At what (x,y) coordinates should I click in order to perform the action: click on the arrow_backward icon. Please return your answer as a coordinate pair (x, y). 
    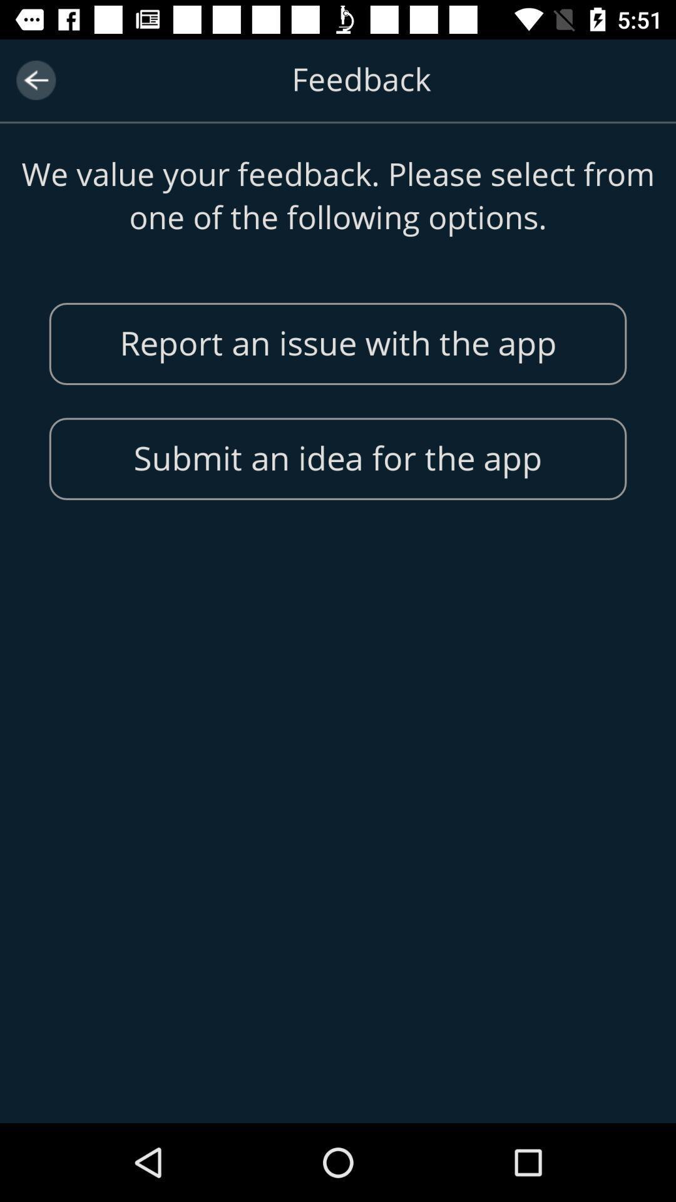
    Looking at the image, I should click on (35, 80).